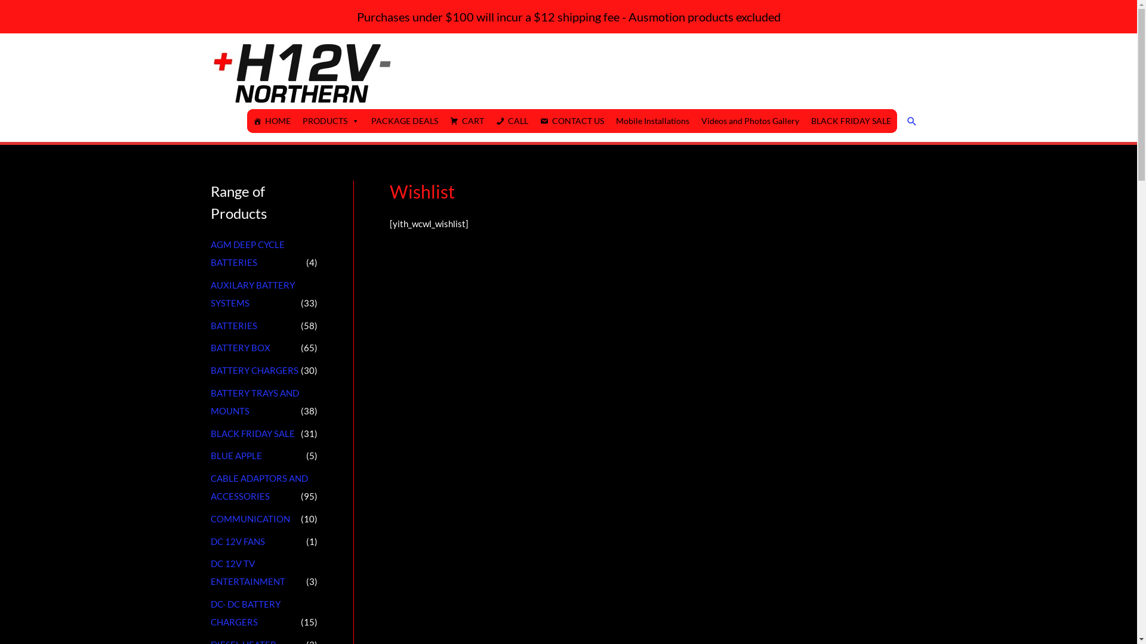  Describe the element at coordinates (466, 121) in the screenshot. I see `'CART'` at that location.